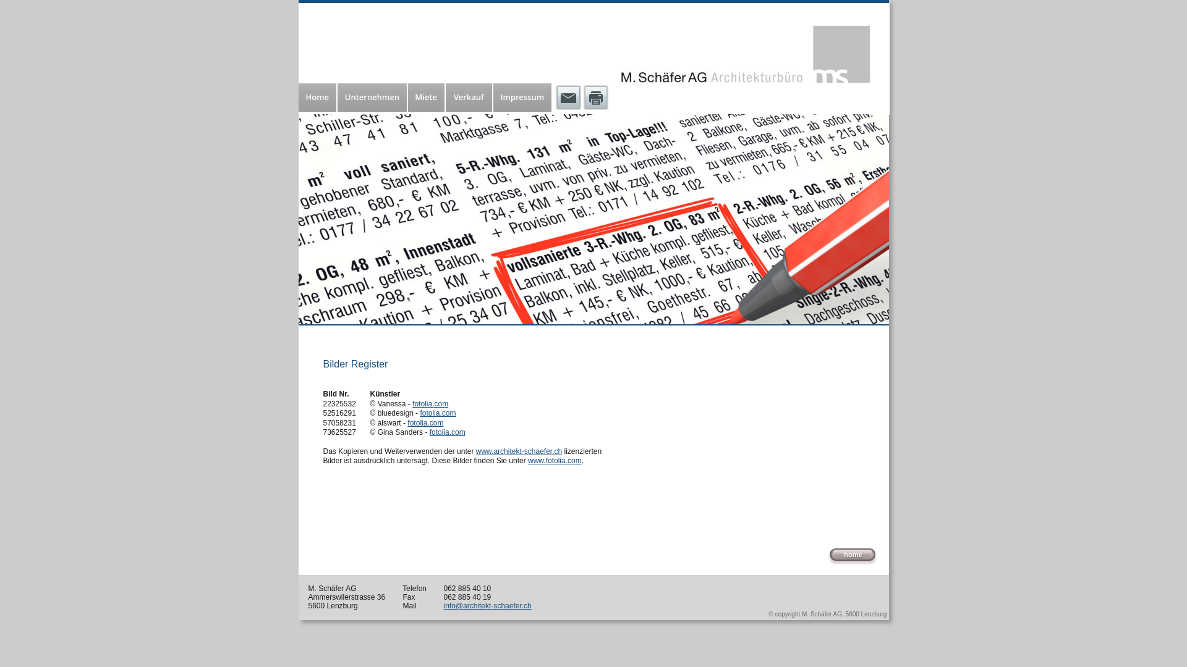 Image resolution: width=1187 pixels, height=667 pixels. Describe the element at coordinates (487, 605) in the screenshot. I see `'info@architekt-schaefer.ch'` at that location.